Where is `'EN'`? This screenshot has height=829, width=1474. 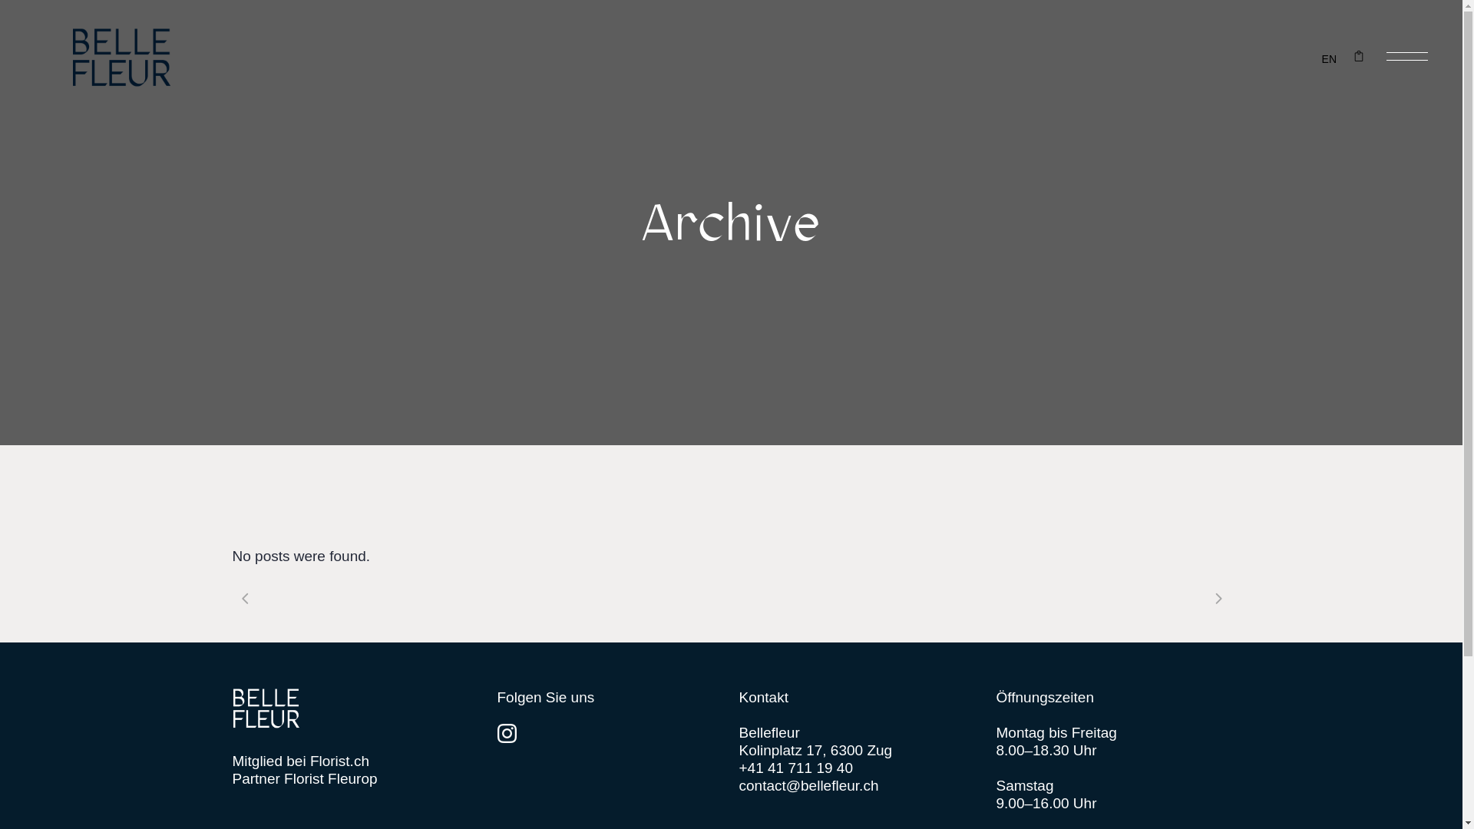 'EN' is located at coordinates (1328, 58).